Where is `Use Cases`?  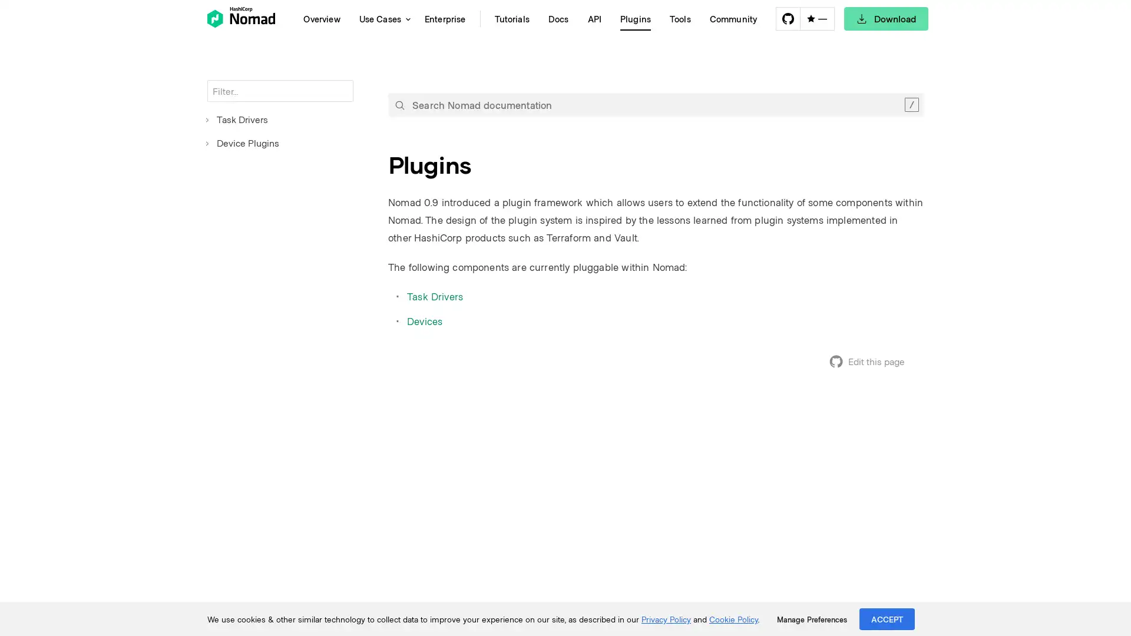
Use Cases is located at coordinates (382, 18).